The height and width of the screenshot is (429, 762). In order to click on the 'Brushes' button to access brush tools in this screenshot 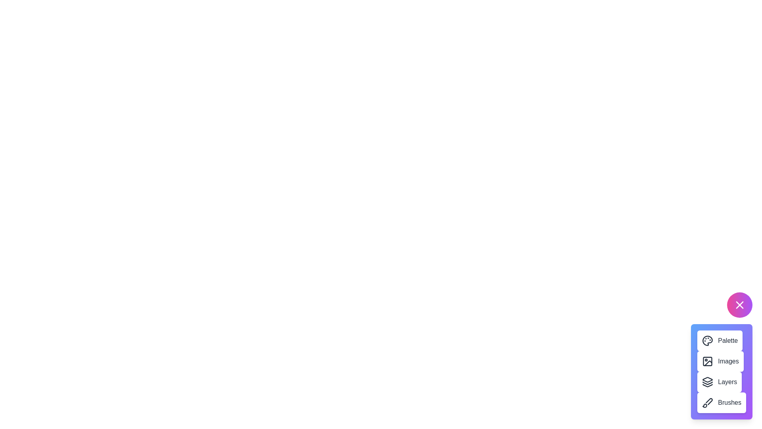, I will do `click(722, 403)`.